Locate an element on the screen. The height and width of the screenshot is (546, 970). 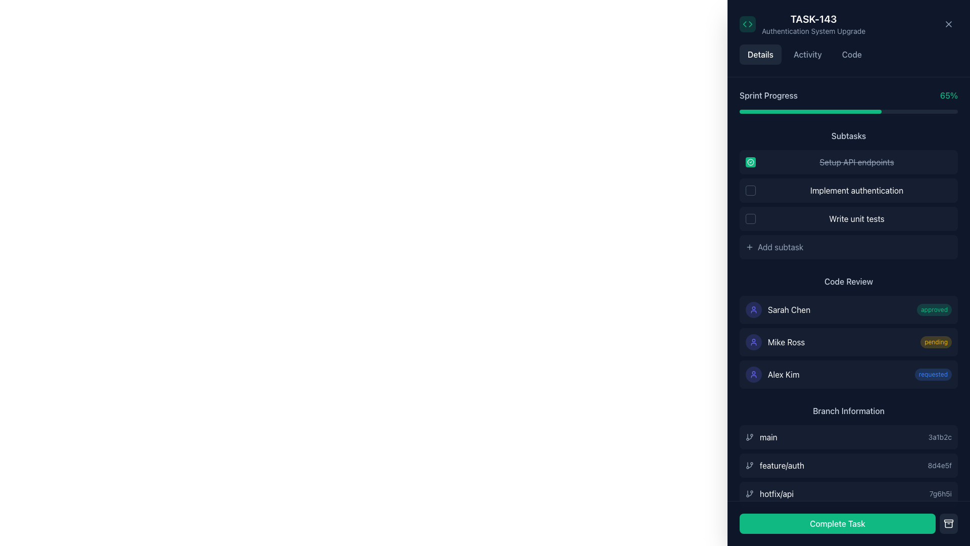
the green circular icon with a white check mark that indicates the completion status of the 'Setup API endpoints' subtask in the right-hand panel is located at coordinates (751, 161).